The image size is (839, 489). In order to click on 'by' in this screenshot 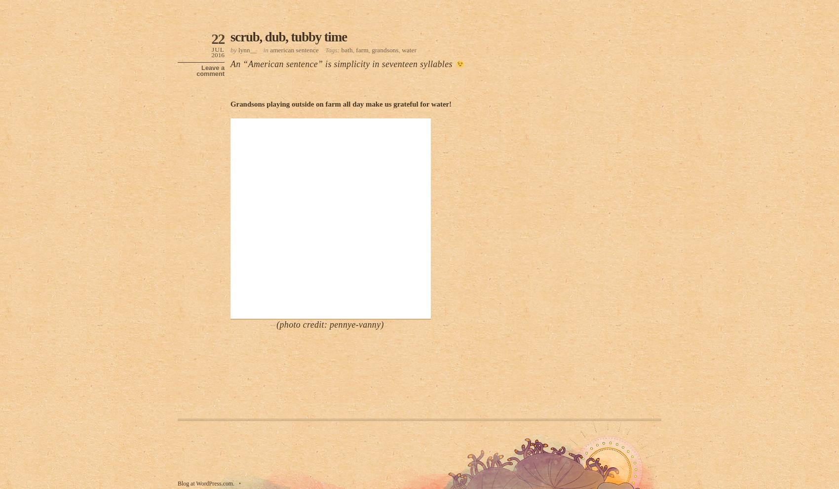, I will do `click(234, 49)`.